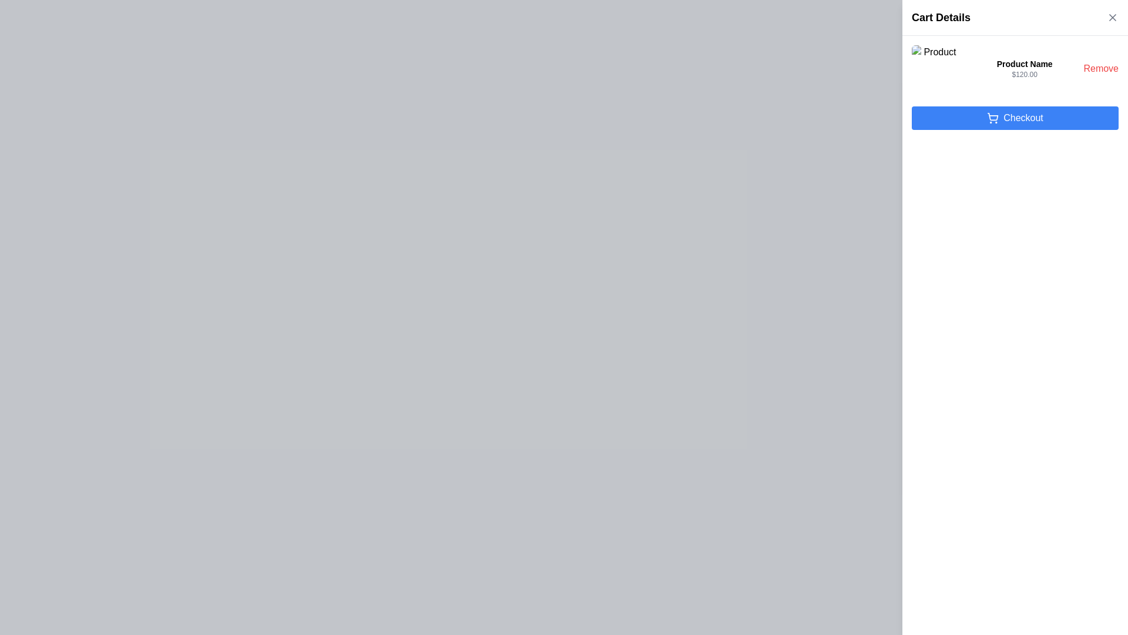 This screenshot has width=1128, height=635. What do you see at coordinates (1024, 68) in the screenshot?
I see `the Text block displaying product information, which includes the product name and price, located in the Cart Details panel to the right of the product image and to the left of the 'Remove' button` at bounding box center [1024, 68].